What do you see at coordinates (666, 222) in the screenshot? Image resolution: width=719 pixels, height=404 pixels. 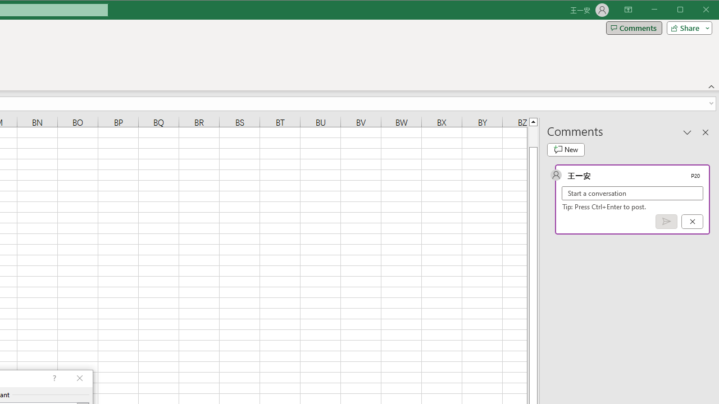 I see `'Post comment (Ctrl + Enter)'` at bounding box center [666, 222].